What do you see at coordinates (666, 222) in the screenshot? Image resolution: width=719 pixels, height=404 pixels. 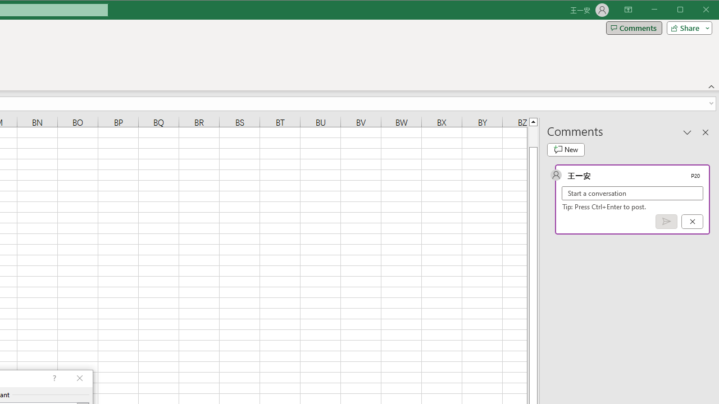 I see `'Post comment (Ctrl + Enter)'` at bounding box center [666, 222].